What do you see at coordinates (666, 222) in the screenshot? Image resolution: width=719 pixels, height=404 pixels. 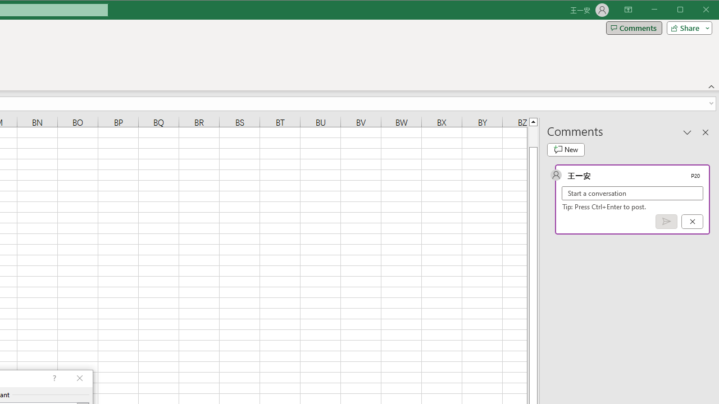 I see `'Post comment (Ctrl + Enter)'` at bounding box center [666, 222].